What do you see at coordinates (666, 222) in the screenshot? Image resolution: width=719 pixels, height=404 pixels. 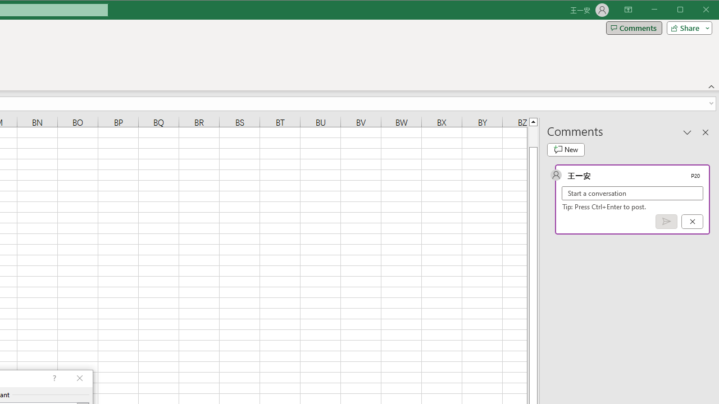 I see `'Post comment (Ctrl + Enter)'` at bounding box center [666, 222].